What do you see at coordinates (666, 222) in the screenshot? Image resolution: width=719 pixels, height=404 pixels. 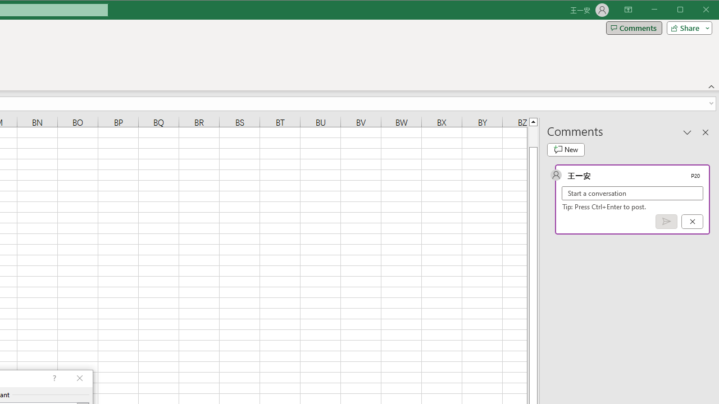 I see `'Post comment (Ctrl + Enter)'` at bounding box center [666, 222].